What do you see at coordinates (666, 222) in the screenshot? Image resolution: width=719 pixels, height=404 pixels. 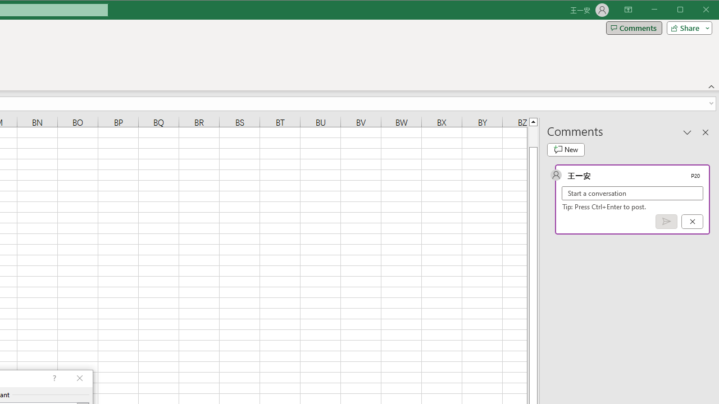 I see `'Post comment (Ctrl + Enter)'` at bounding box center [666, 222].